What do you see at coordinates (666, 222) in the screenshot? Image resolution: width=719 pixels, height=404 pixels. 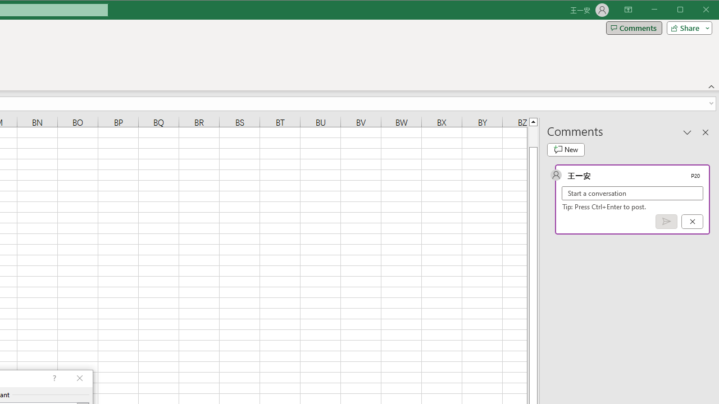 I see `'Post comment (Ctrl + Enter)'` at bounding box center [666, 222].